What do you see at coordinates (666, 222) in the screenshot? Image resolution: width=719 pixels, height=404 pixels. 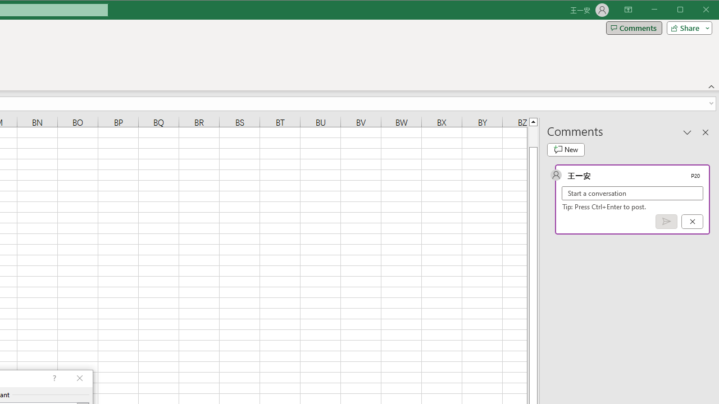 I see `'Post comment (Ctrl + Enter)'` at bounding box center [666, 222].